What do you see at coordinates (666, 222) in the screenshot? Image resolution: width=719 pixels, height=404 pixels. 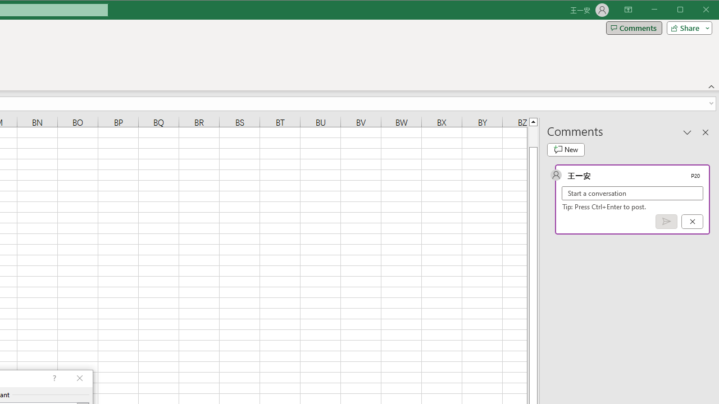 I see `'Post comment (Ctrl + Enter)'` at bounding box center [666, 222].